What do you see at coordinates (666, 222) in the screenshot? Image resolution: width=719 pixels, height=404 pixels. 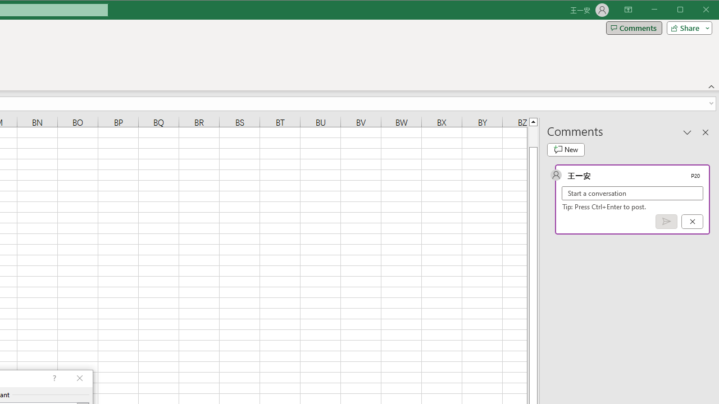 I see `'Post comment (Ctrl + Enter)'` at bounding box center [666, 222].